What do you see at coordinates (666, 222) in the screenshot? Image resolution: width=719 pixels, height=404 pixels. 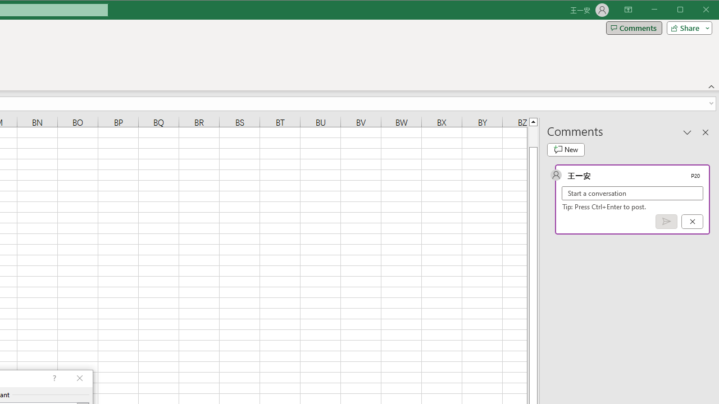 I see `'Post comment (Ctrl + Enter)'` at bounding box center [666, 222].